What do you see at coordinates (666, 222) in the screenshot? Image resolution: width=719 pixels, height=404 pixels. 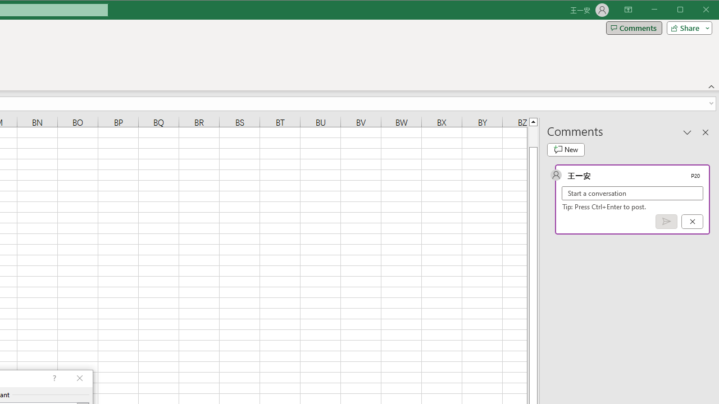 I see `'Post comment (Ctrl + Enter)'` at bounding box center [666, 222].